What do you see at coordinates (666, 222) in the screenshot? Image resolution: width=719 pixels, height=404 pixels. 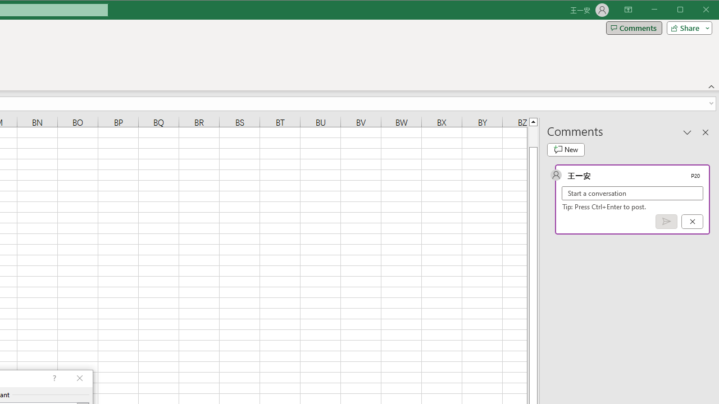 I see `'Post comment (Ctrl + Enter)'` at bounding box center [666, 222].